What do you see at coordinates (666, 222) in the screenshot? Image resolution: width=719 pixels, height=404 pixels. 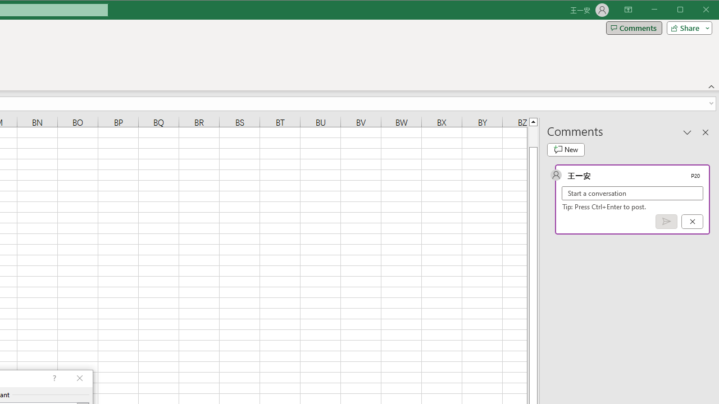 I see `'Post comment (Ctrl + Enter)'` at bounding box center [666, 222].